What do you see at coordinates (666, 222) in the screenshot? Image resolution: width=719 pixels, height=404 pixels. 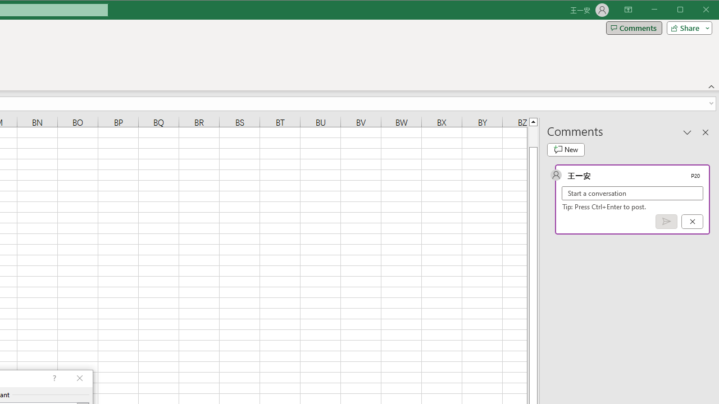 I see `'Post comment (Ctrl + Enter)'` at bounding box center [666, 222].